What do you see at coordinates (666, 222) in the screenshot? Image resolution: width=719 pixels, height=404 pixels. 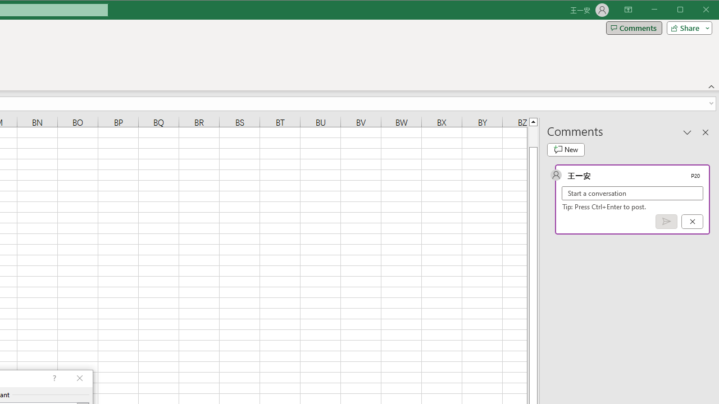 I see `'Post comment (Ctrl + Enter)'` at bounding box center [666, 222].